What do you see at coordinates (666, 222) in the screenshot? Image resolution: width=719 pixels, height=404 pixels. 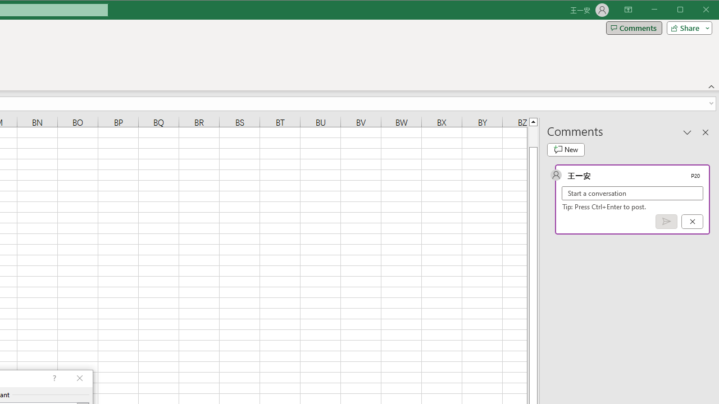 I see `'Post comment (Ctrl + Enter)'` at bounding box center [666, 222].